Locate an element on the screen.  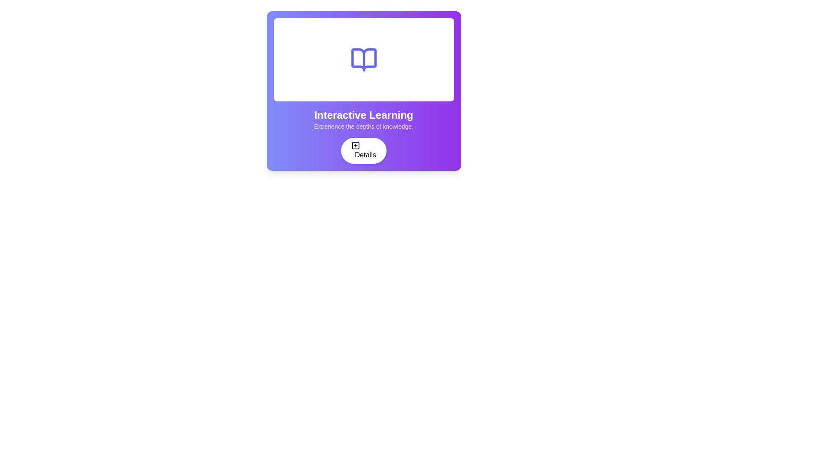
the text label that contains the phrase 'Experience the depths of knowledge.' which is styled in a small purple font and located beneath the header 'Interactive Learning' and above the button labeled 'Details' is located at coordinates (364, 127).